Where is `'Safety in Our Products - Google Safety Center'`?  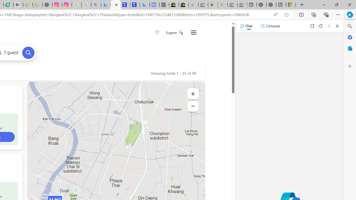
'Safety in Our Products - Google Safety Center' is located at coordinates (76, 5).